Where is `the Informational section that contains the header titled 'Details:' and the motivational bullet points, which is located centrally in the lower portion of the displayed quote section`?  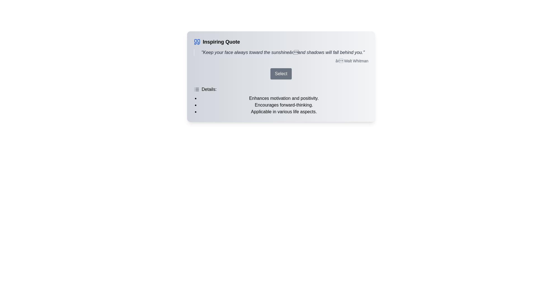
the Informational section that contains the header titled 'Details:' and the motivational bullet points, which is located centrally in the lower portion of the displayed quote section is located at coordinates (281, 100).